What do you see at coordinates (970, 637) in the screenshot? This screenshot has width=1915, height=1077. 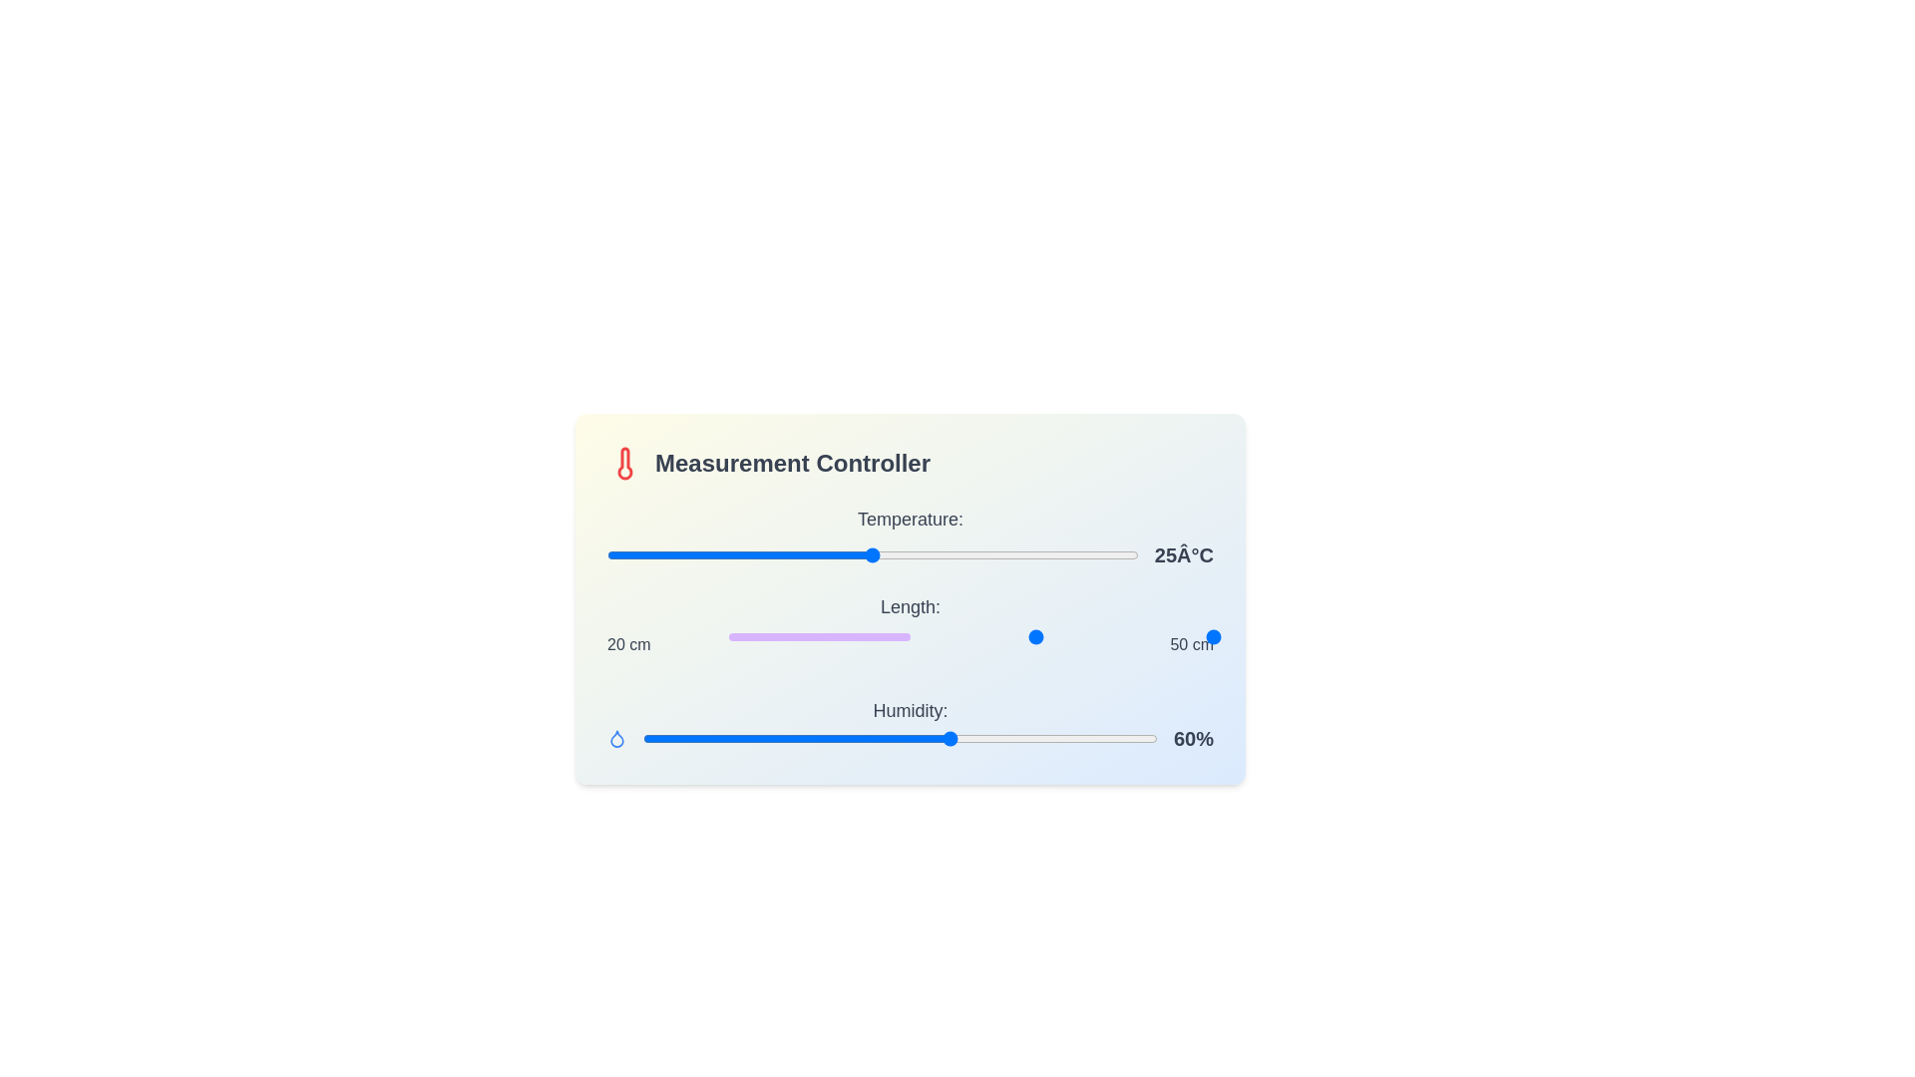 I see `the length` at bounding box center [970, 637].